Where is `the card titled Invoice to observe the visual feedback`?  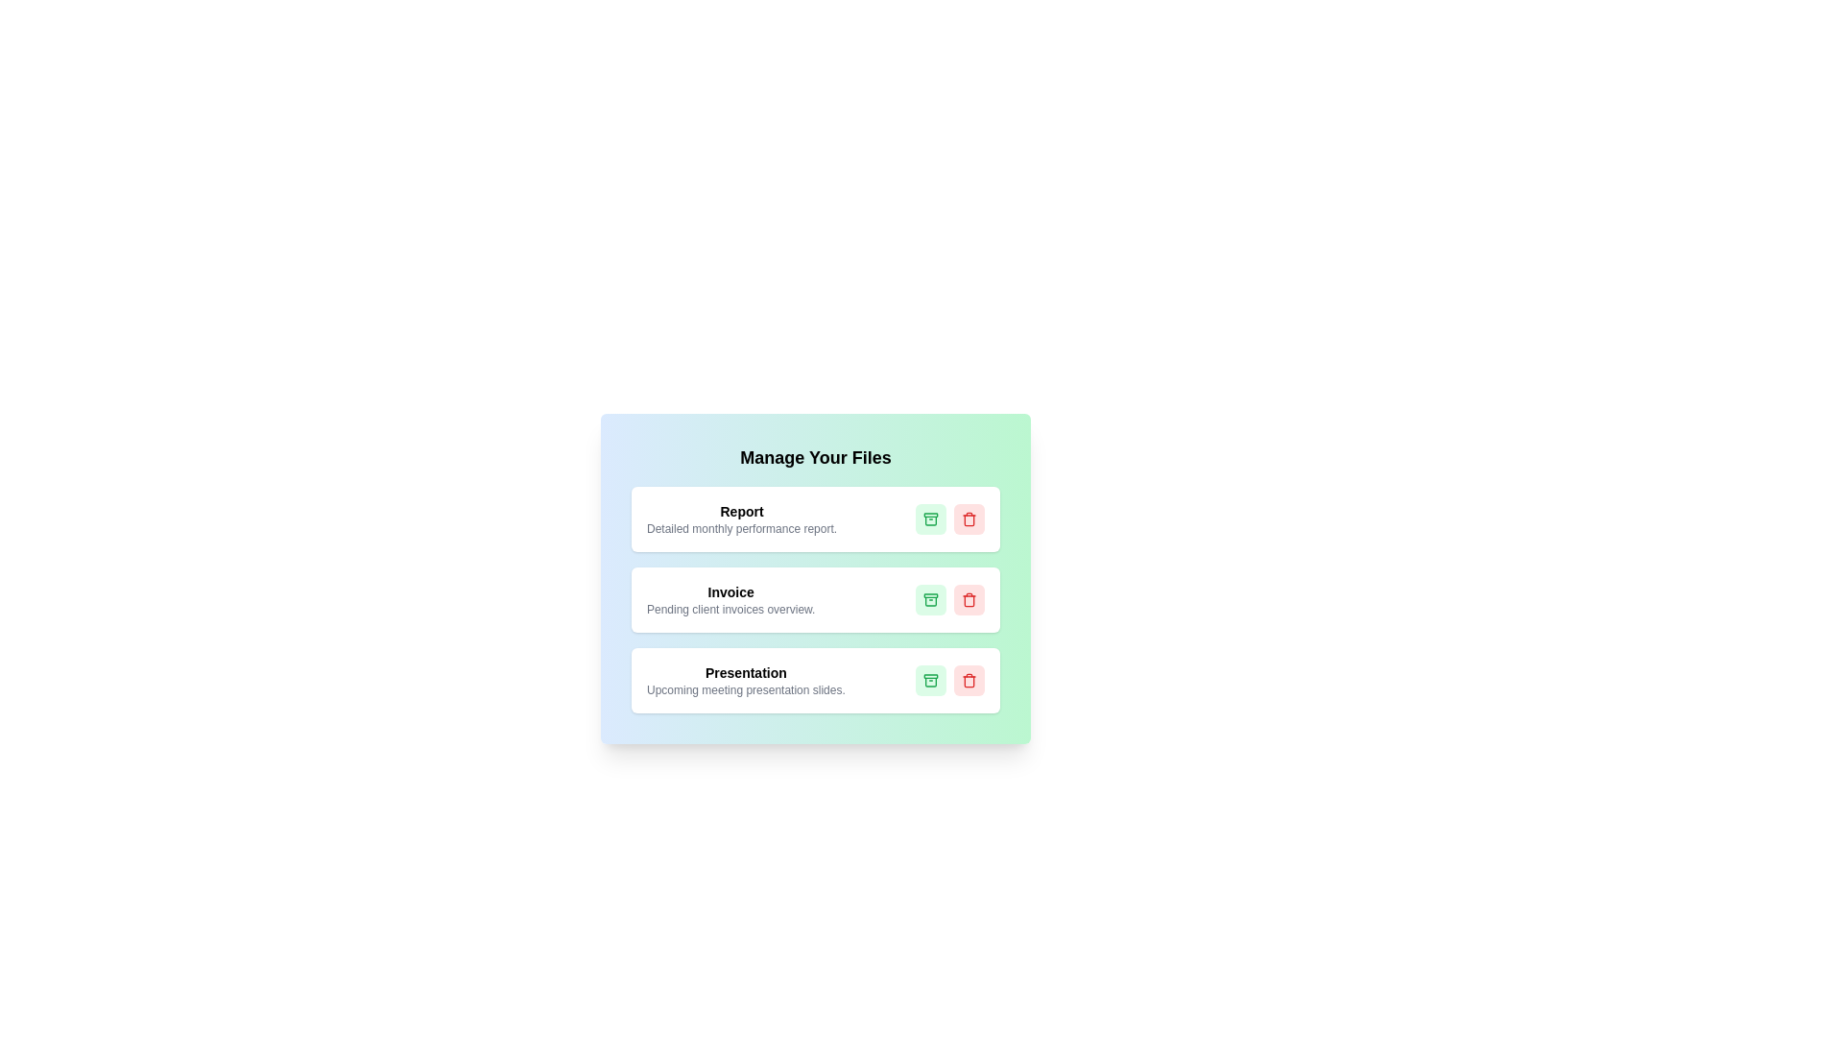
the card titled Invoice to observe the visual feedback is located at coordinates (815, 598).